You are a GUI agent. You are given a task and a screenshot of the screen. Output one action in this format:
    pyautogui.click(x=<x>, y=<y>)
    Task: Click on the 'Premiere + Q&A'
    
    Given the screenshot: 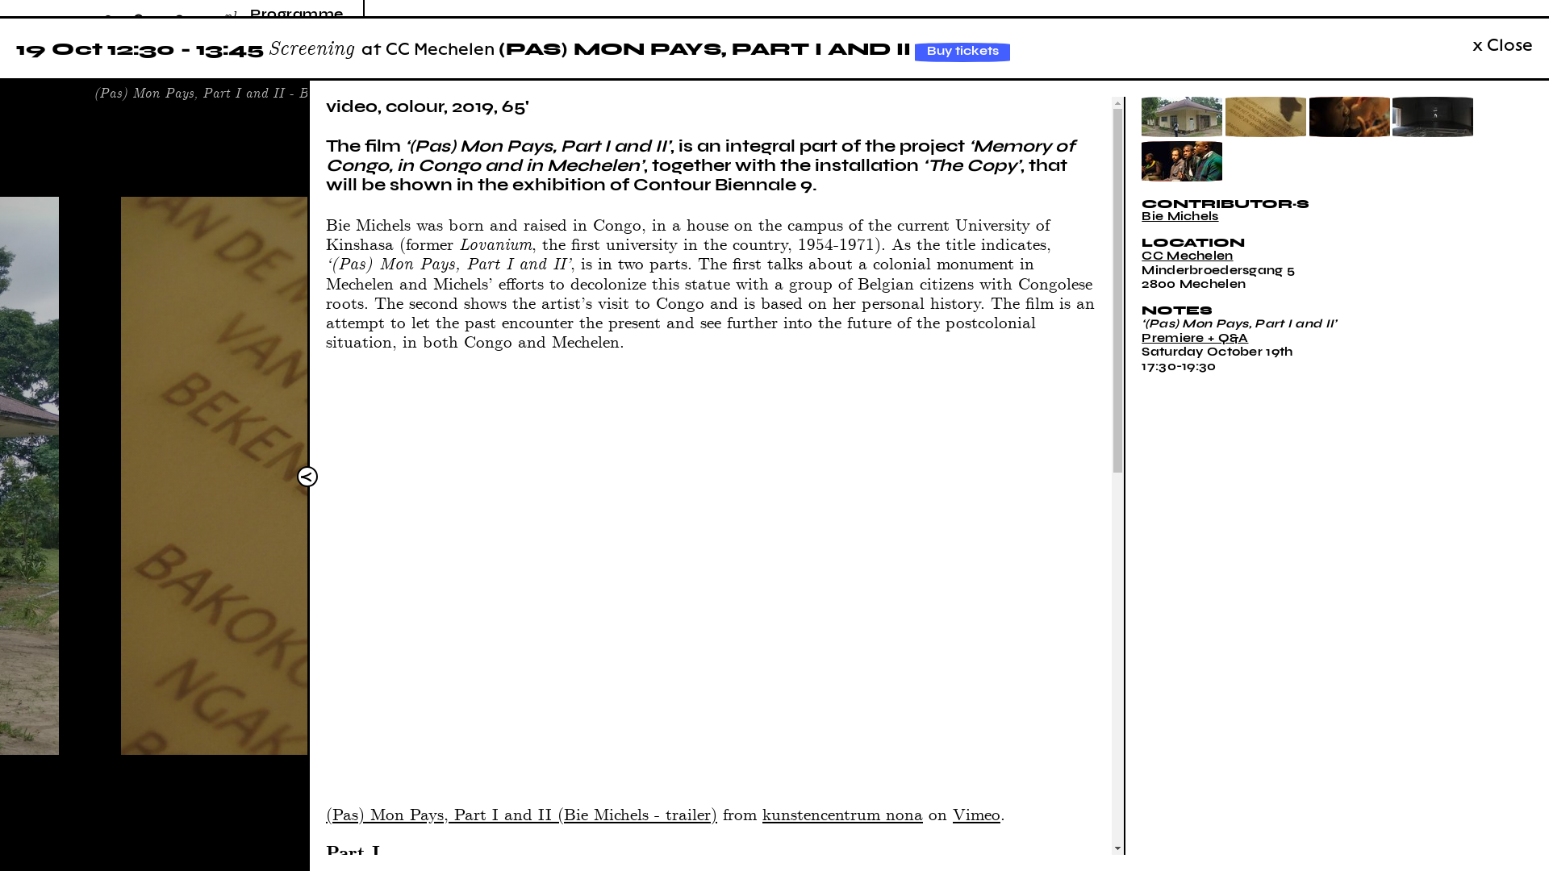 What is the action you would take?
    pyautogui.click(x=1141, y=337)
    